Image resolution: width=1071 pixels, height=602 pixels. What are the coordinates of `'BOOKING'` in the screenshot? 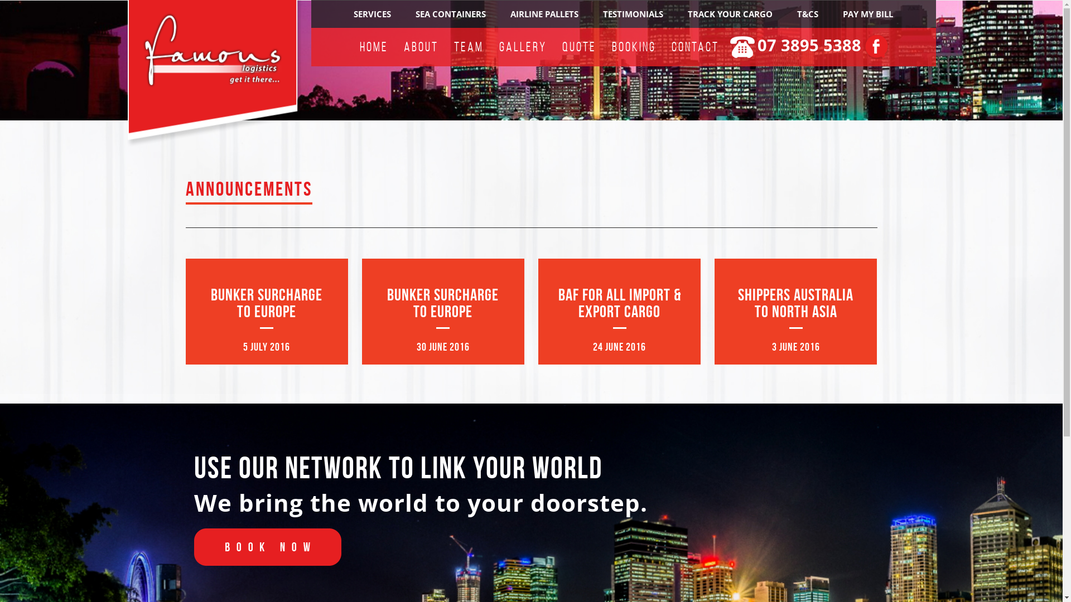 It's located at (606, 46).